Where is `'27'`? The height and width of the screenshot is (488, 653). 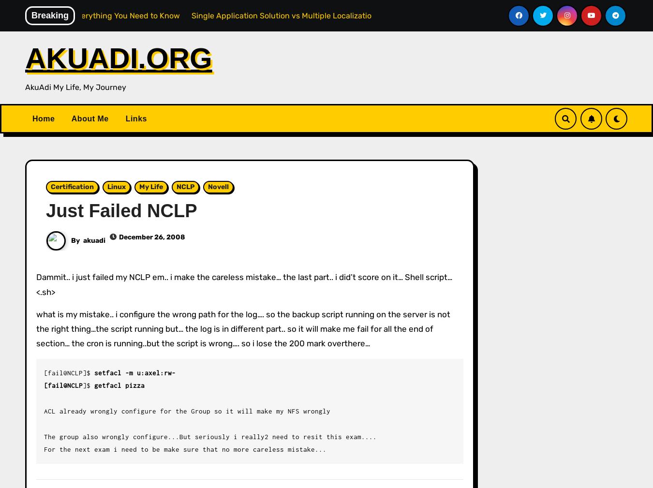 '27' is located at coordinates (512, 195).